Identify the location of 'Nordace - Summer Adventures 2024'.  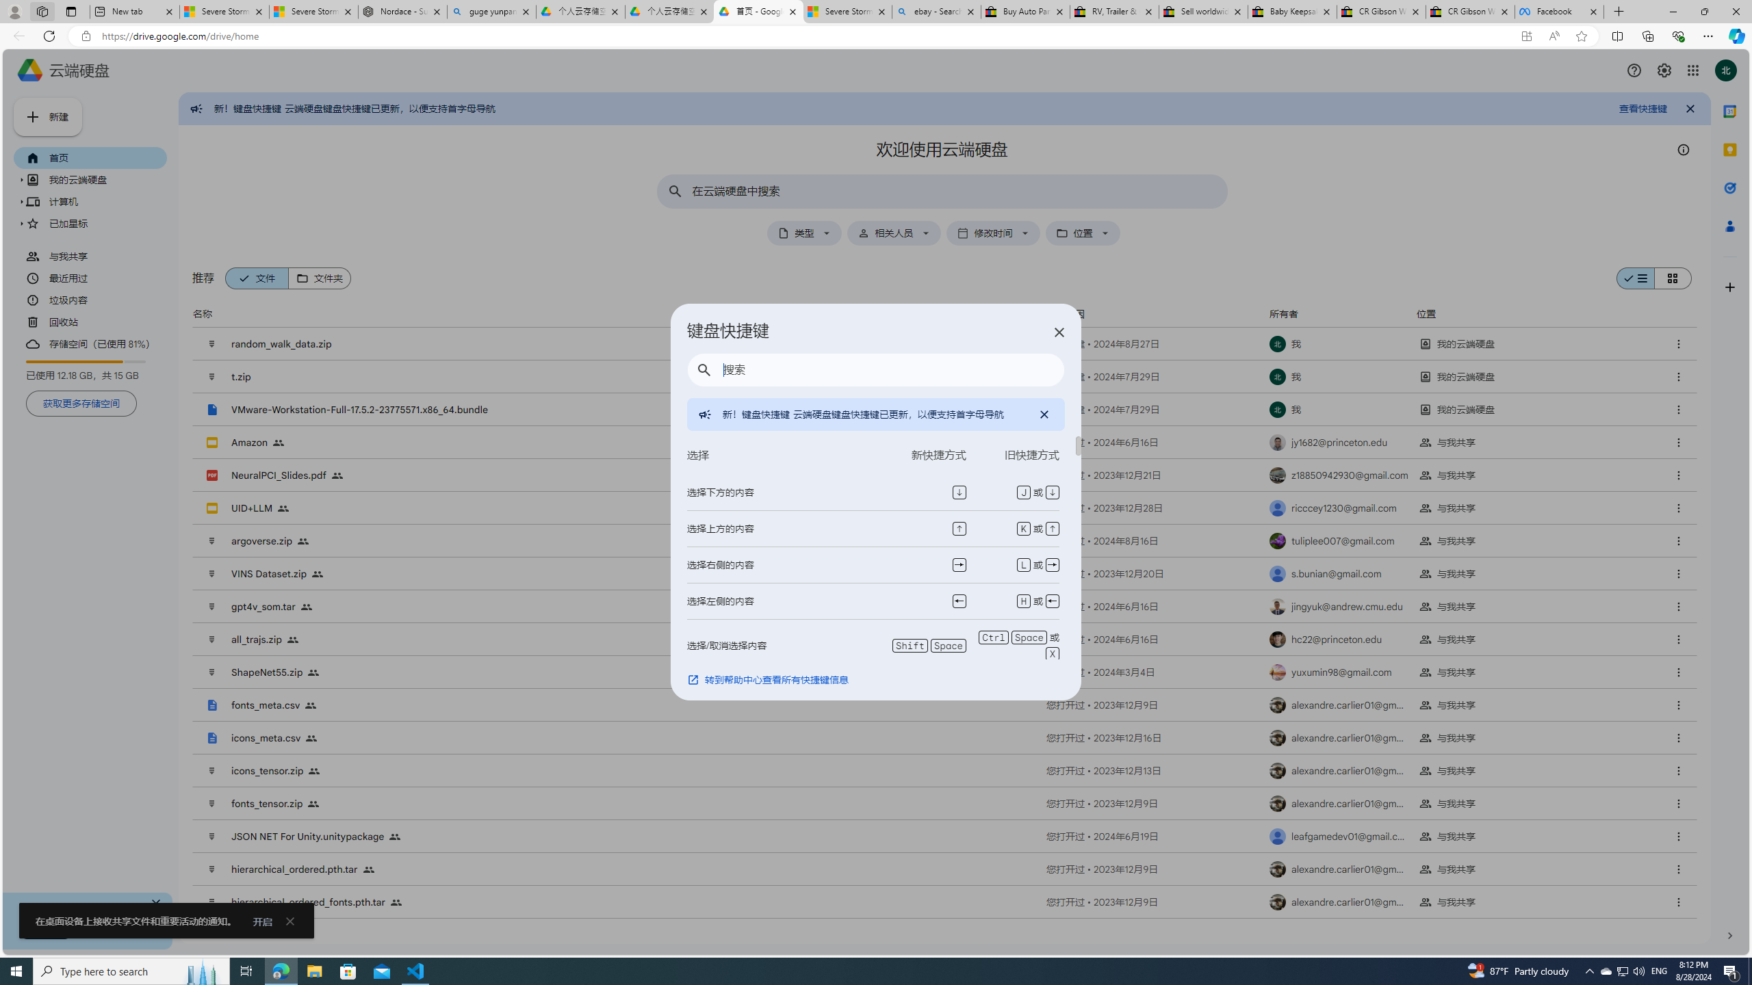
(402, 11).